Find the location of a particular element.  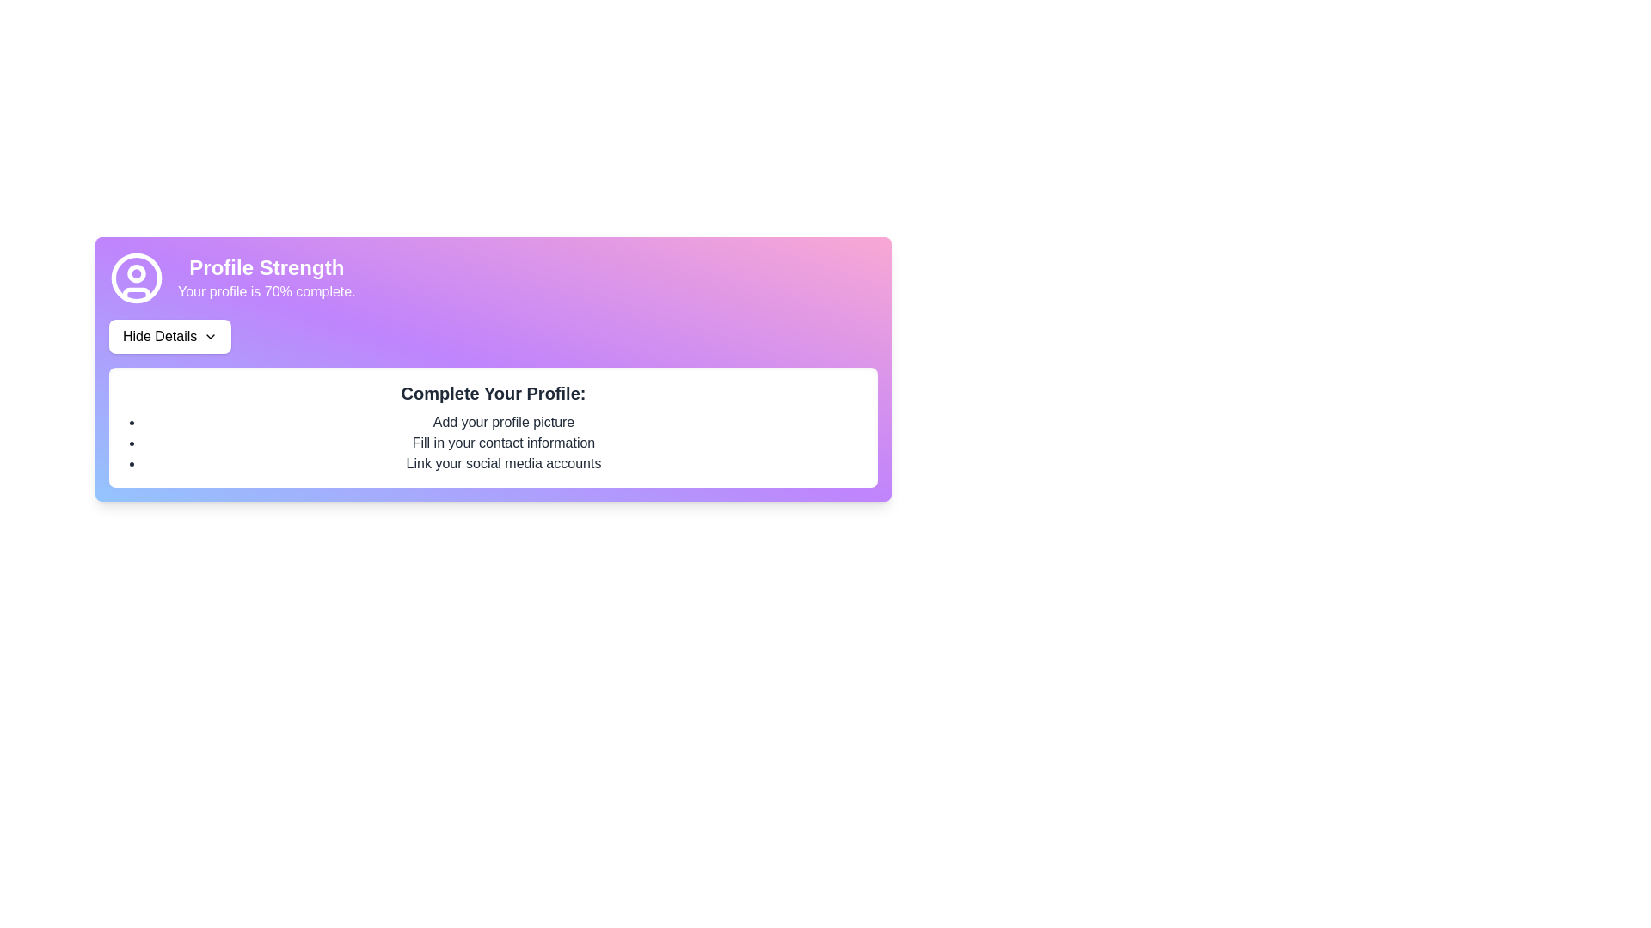

the button that toggles the visibility of the profile details located beneath 'Your profile is 70% complete.' in the 'Profile Strength' card is located at coordinates (170, 337).